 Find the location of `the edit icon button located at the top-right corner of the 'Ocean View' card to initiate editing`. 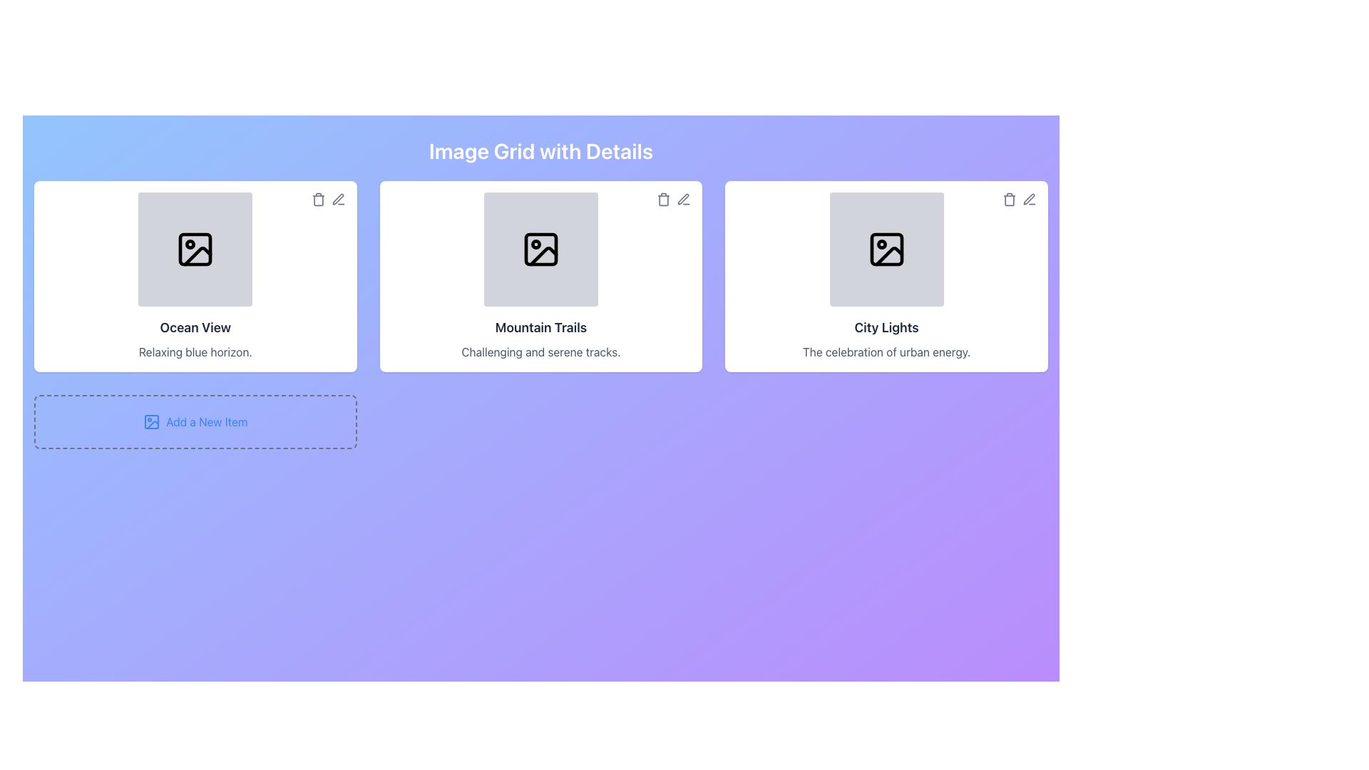

the edit icon button located at the top-right corner of the 'Ocean View' card to initiate editing is located at coordinates (337, 199).